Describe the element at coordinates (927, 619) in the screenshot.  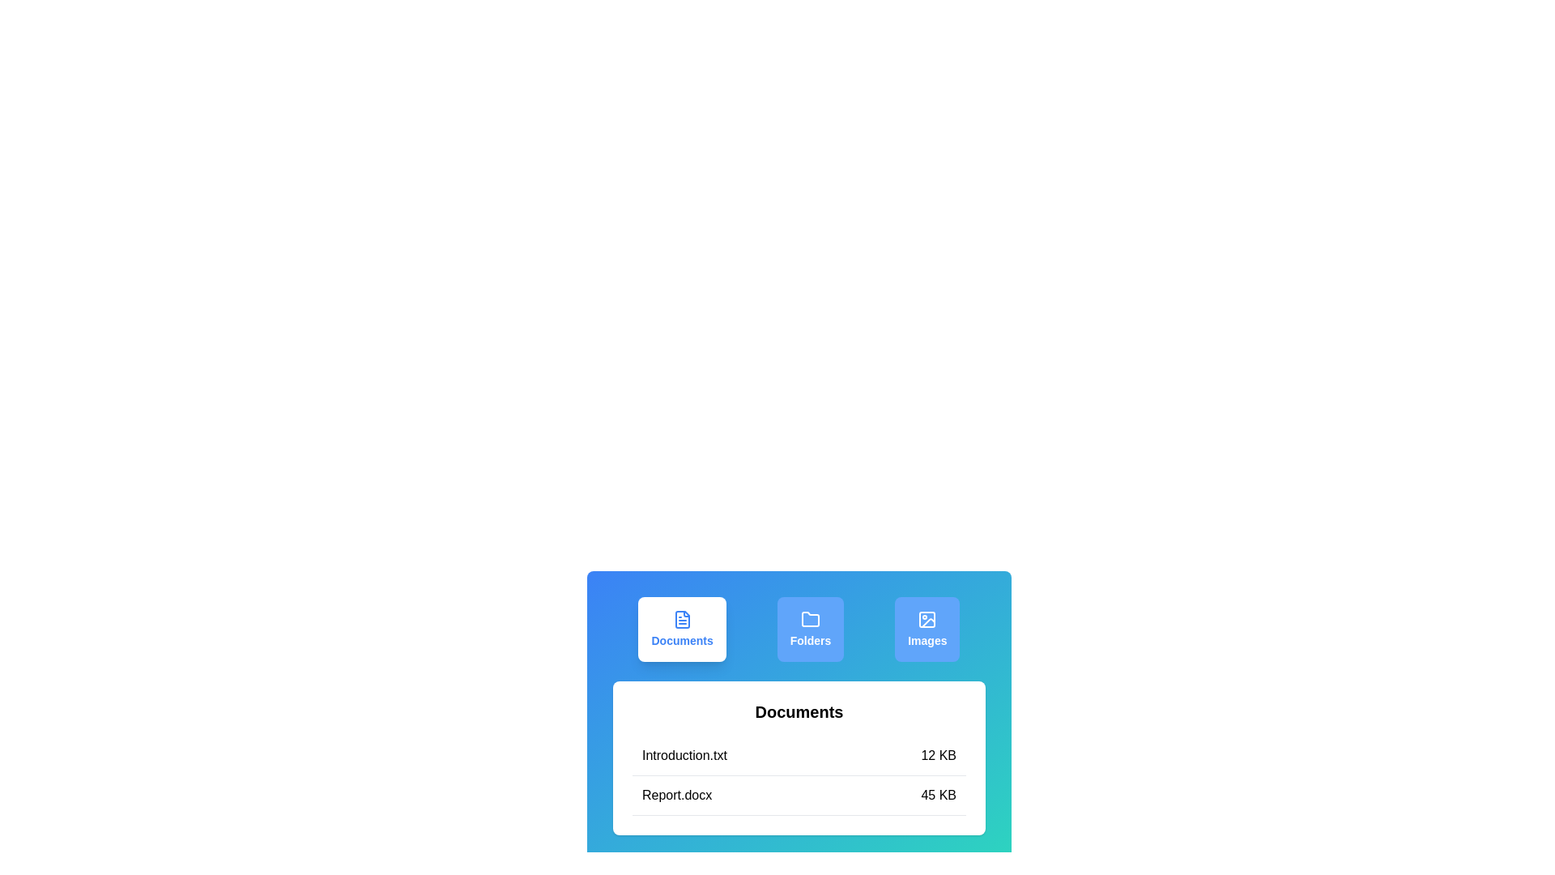
I see `the stylized image icon within the 'Images' button located in the top-right corner of the panel` at that location.